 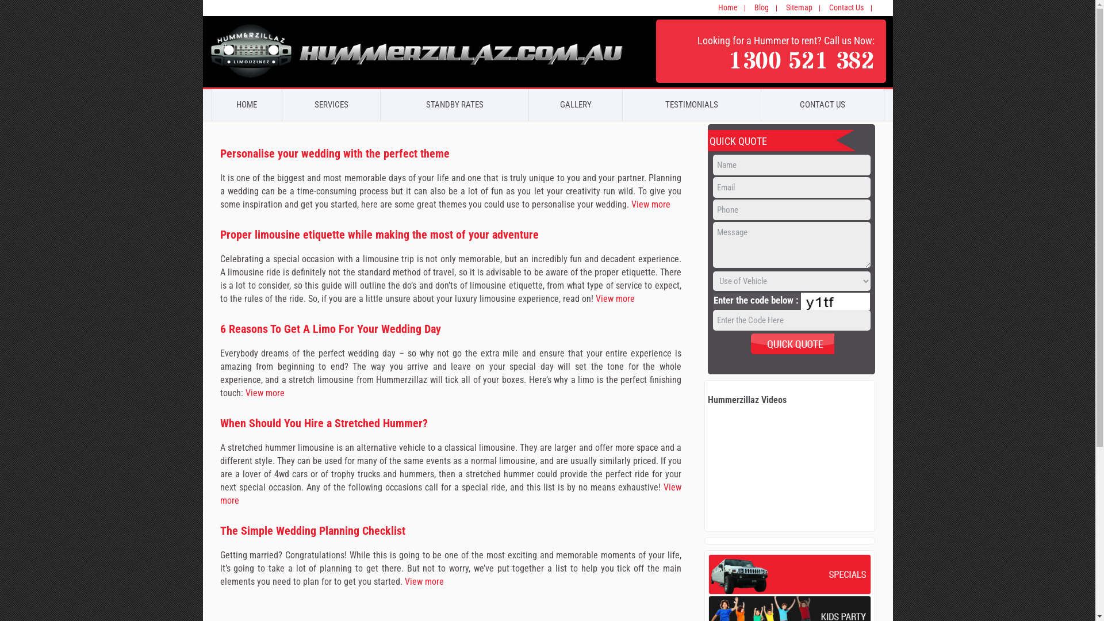 I want to click on 'Sitemap', so click(x=798, y=7).